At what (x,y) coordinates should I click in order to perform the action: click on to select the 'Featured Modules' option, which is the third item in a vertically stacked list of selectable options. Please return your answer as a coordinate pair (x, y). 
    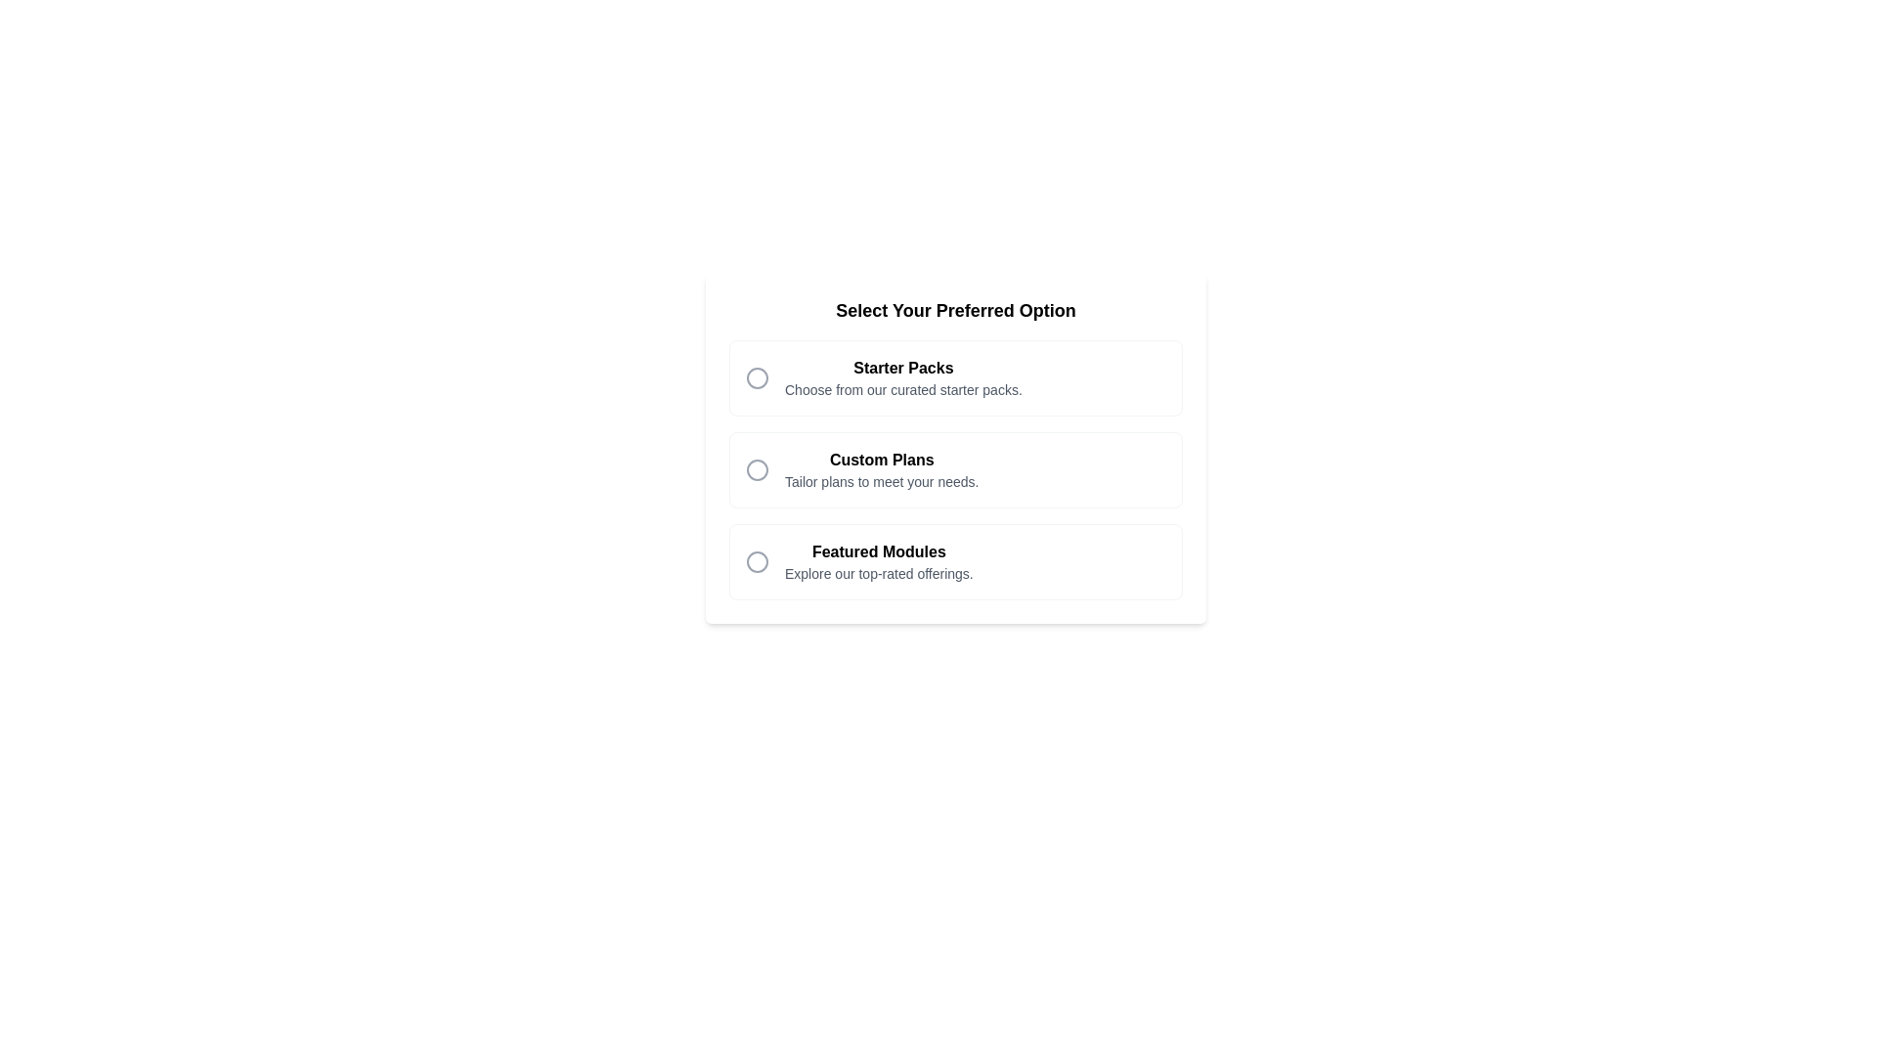
    Looking at the image, I should click on (956, 561).